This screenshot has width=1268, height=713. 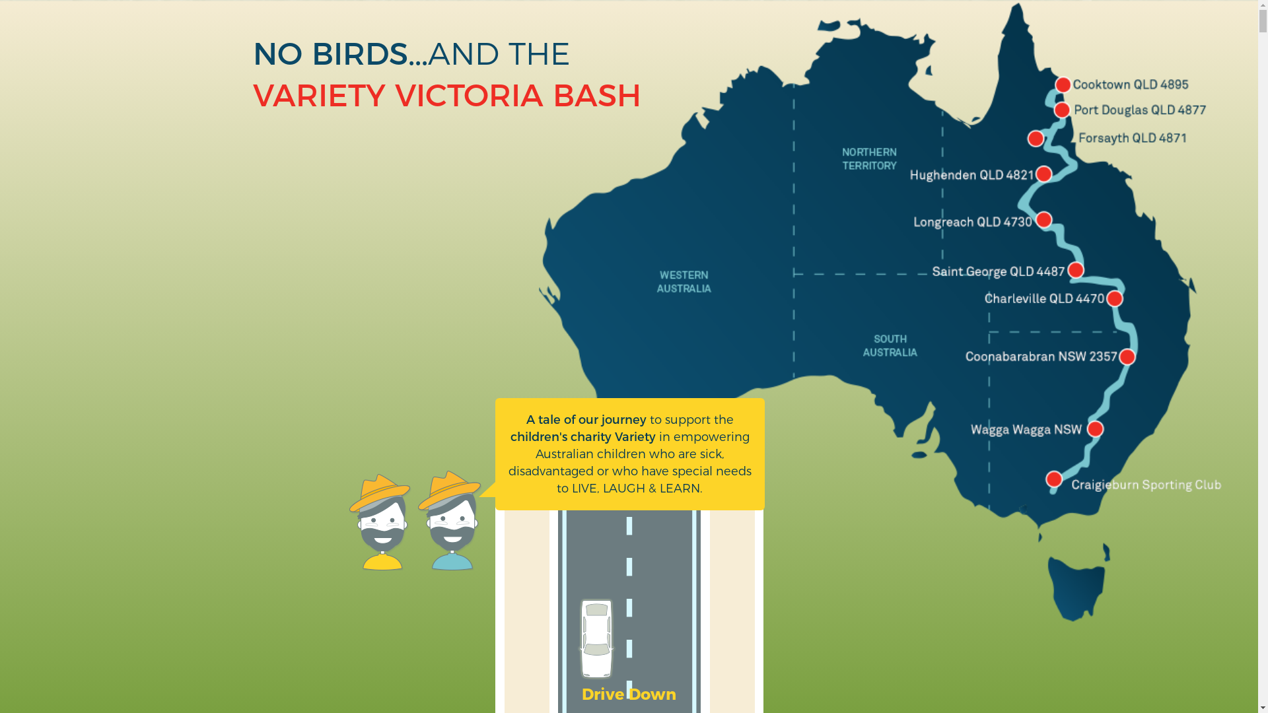 What do you see at coordinates (330, 53) in the screenshot?
I see `'NO BIRDS'` at bounding box center [330, 53].